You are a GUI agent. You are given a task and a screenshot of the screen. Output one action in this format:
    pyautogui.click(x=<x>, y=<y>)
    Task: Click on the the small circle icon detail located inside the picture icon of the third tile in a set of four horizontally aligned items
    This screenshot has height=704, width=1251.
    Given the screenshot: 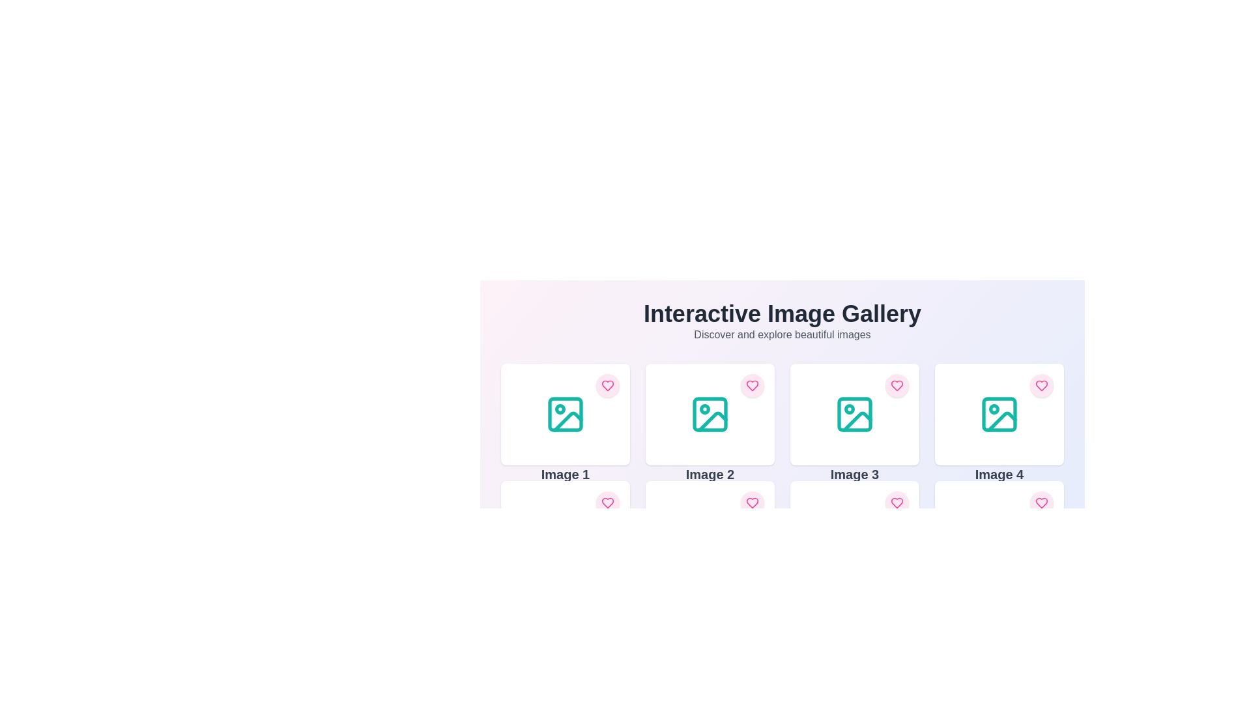 What is the action you would take?
    pyautogui.click(x=850, y=409)
    